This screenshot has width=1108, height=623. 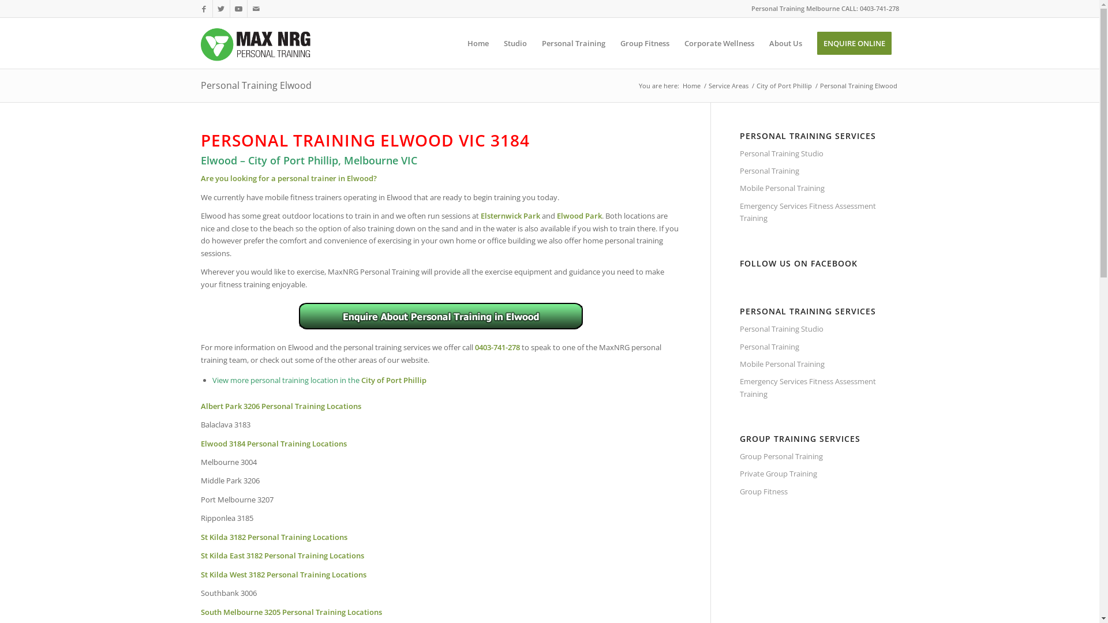 I want to click on 'ENQUIRE ONLINE', so click(x=854, y=42).